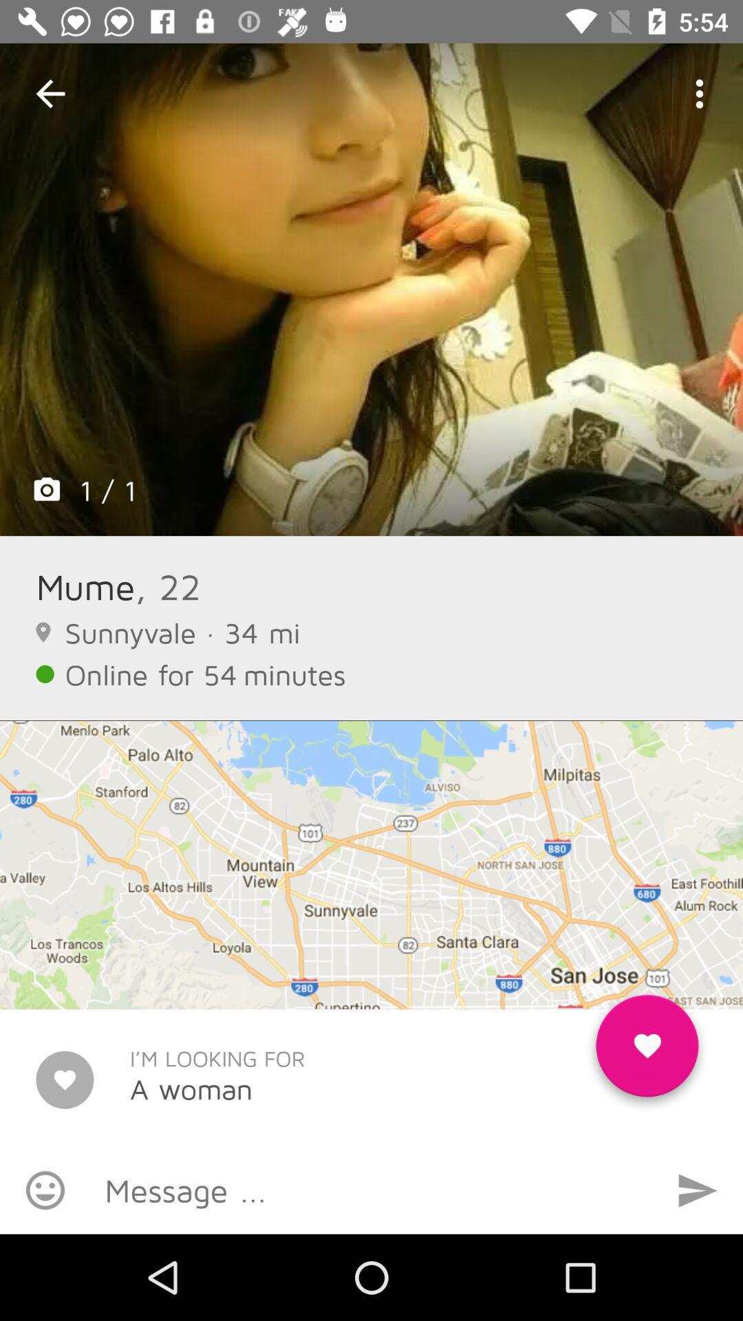  I want to click on write a message, so click(371, 1189).